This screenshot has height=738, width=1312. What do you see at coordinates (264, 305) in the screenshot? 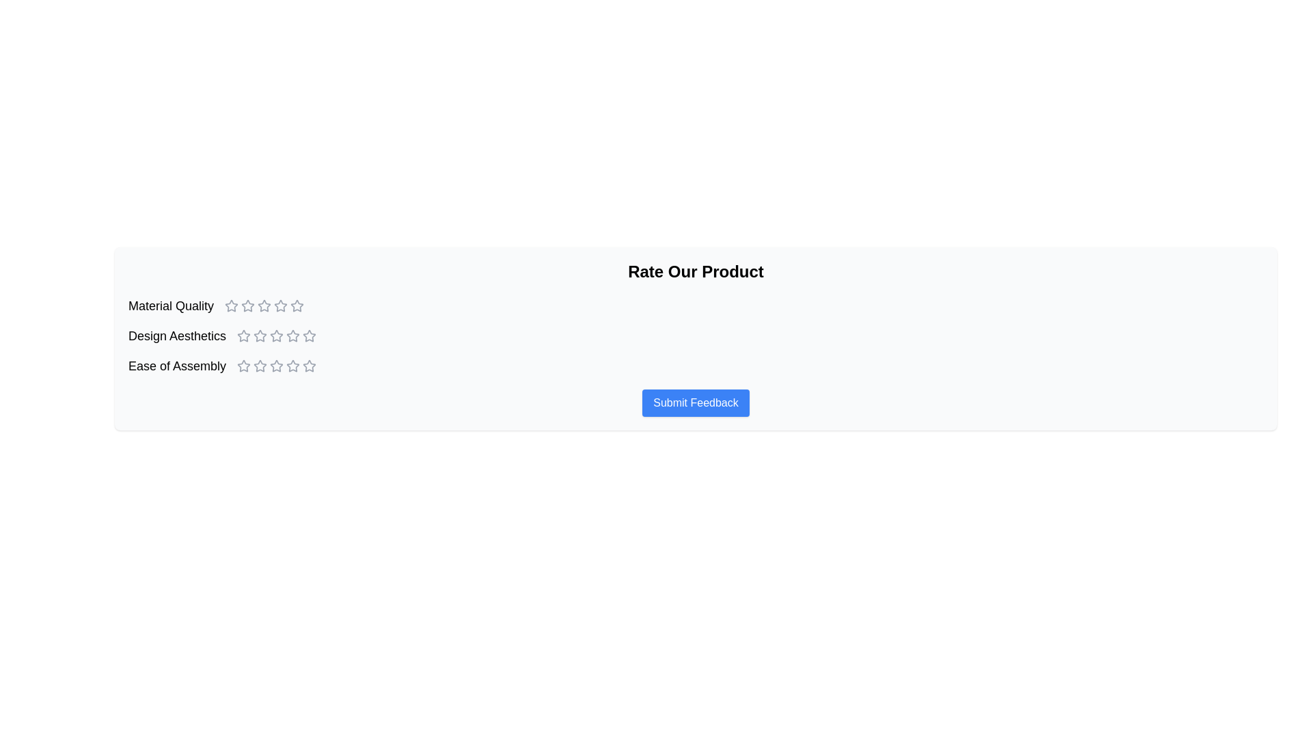
I see `the central star in the rating component, which is adjacent to the text 'Material Quality'` at bounding box center [264, 305].